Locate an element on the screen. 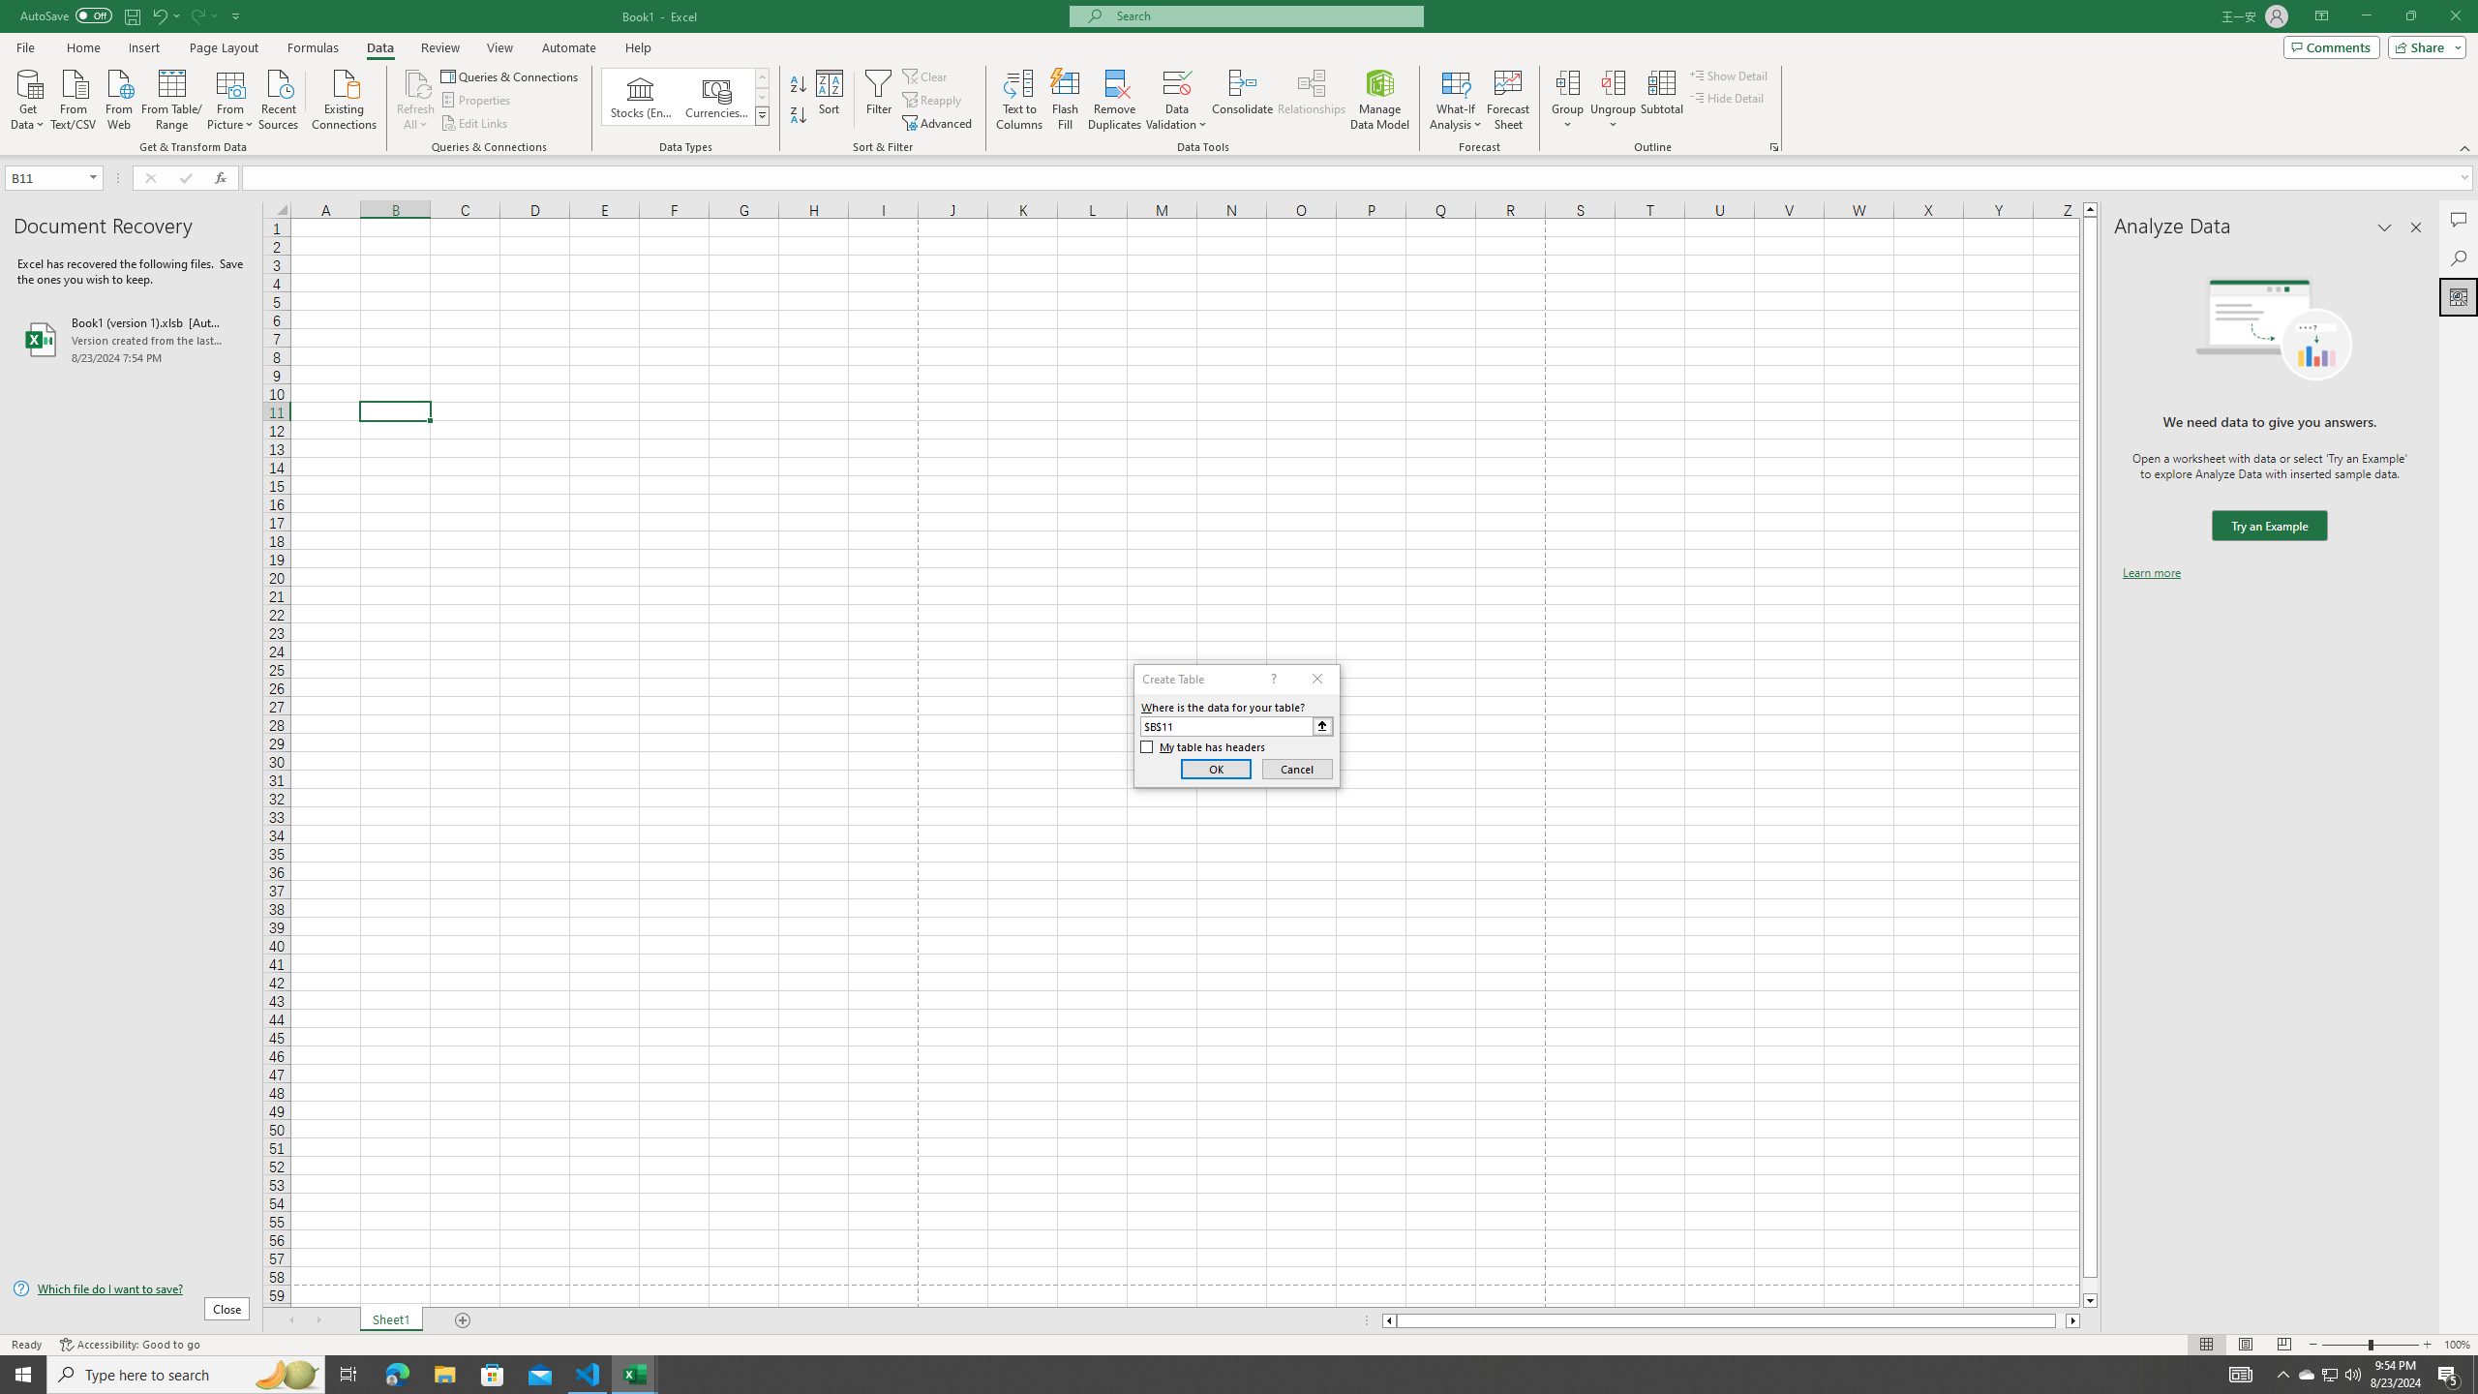  'Consolidate...' is located at coordinates (1242, 100).